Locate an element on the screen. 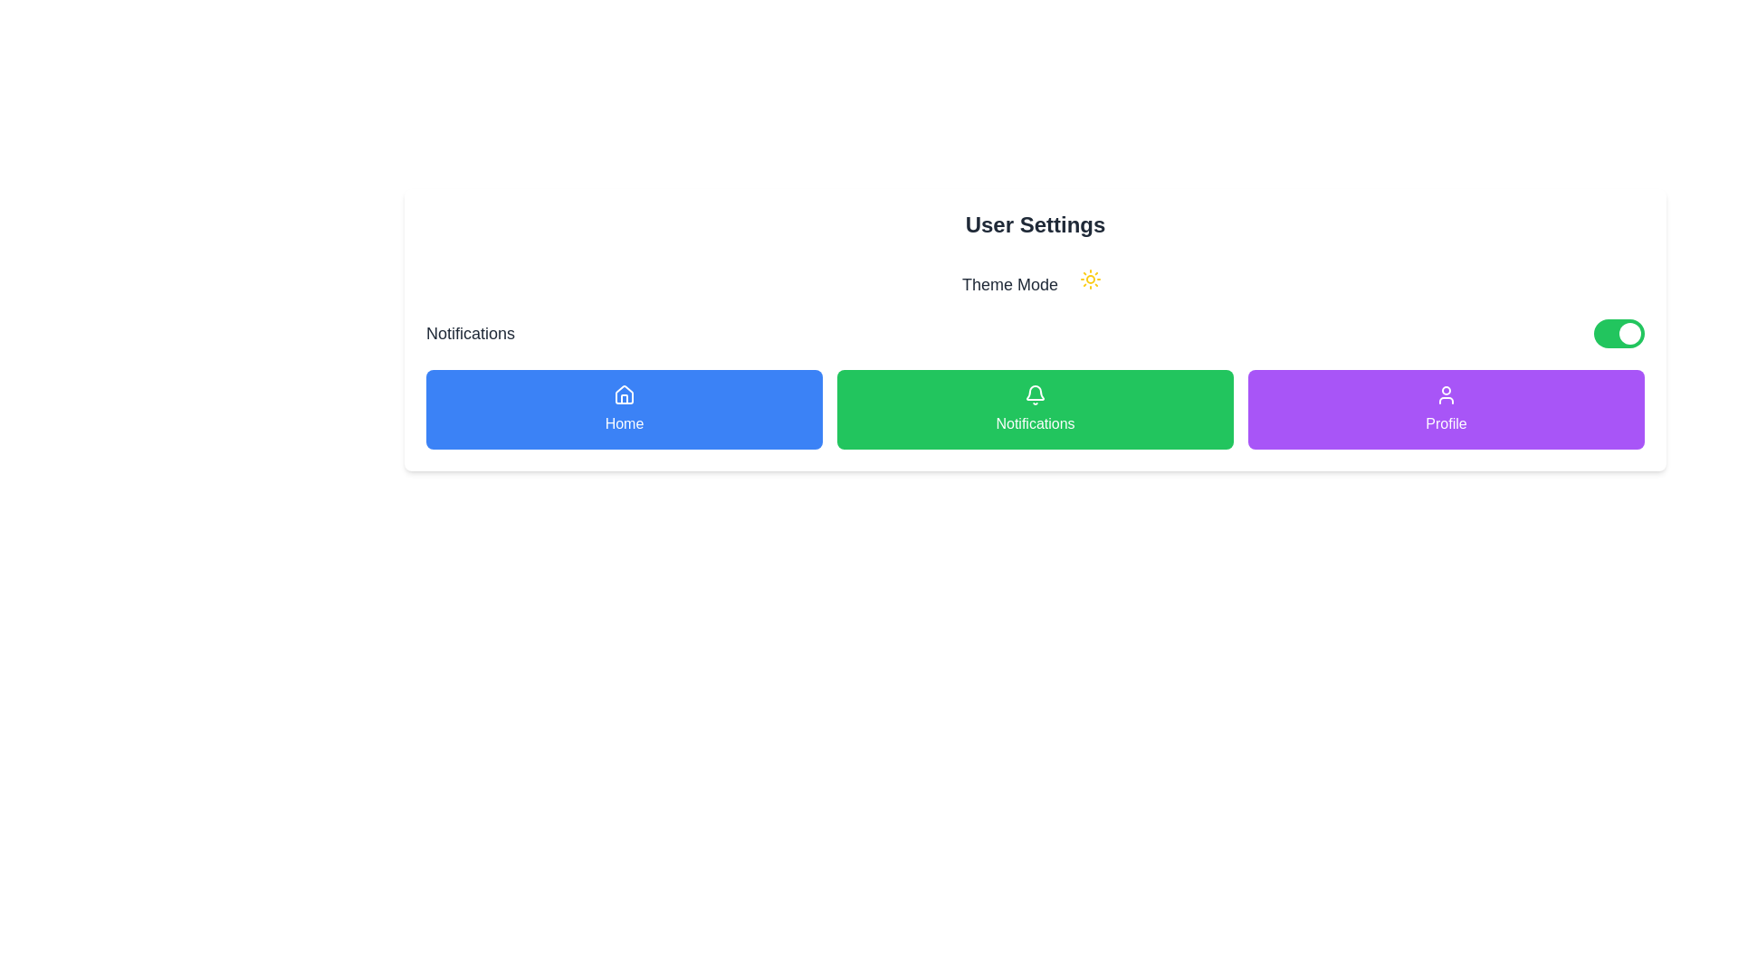 Image resolution: width=1738 pixels, height=977 pixels. the theme mode toggle icon located near the 'Theme Mode' text is located at coordinates (1089, 279).